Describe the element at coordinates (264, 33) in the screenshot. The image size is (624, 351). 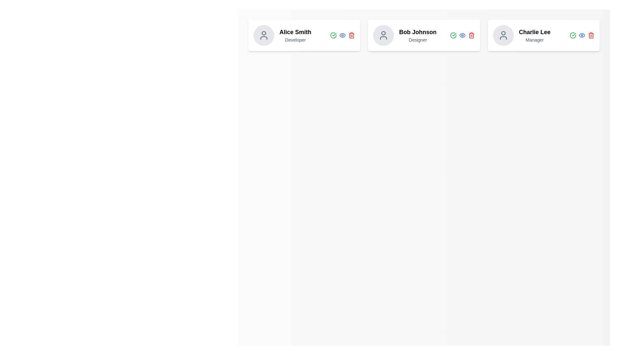
I see `the circular indicator located in the upper-left quadrant of the user card` at that location.